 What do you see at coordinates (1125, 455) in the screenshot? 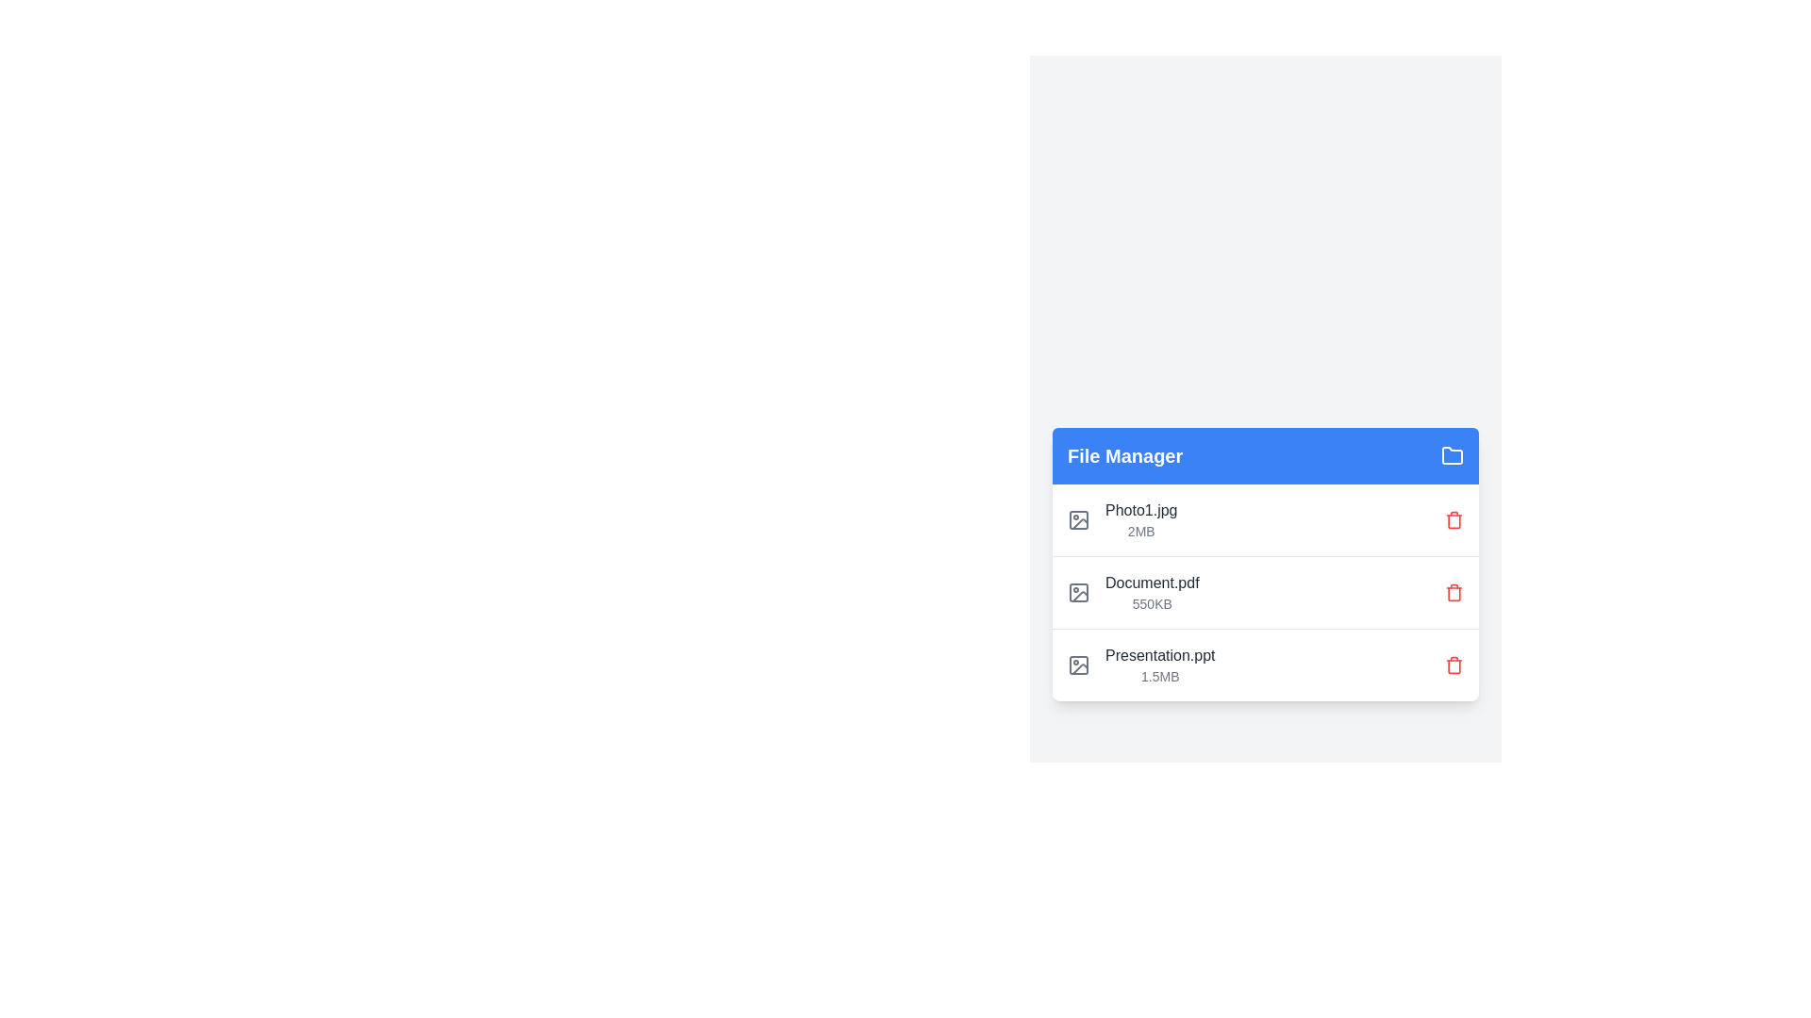
I see `the 'File Manager' text element, which is styled in large bold font and is located in the upper-left corner of the blue header section of the file management interface` at bounding box center [1125, 455].